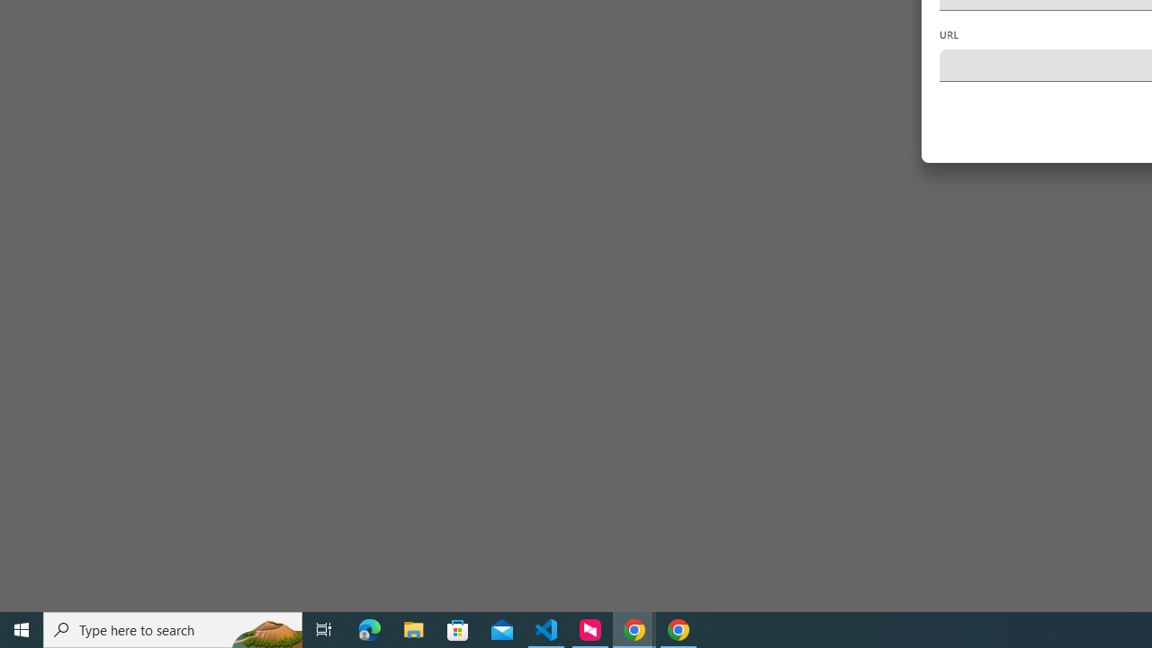 Image resolution: width=1152 pixels, height=648 pixels. What do you see at coordinates (323, 628) in the screenshot?
I see `'Task View'` at bounding box center [323, 628].